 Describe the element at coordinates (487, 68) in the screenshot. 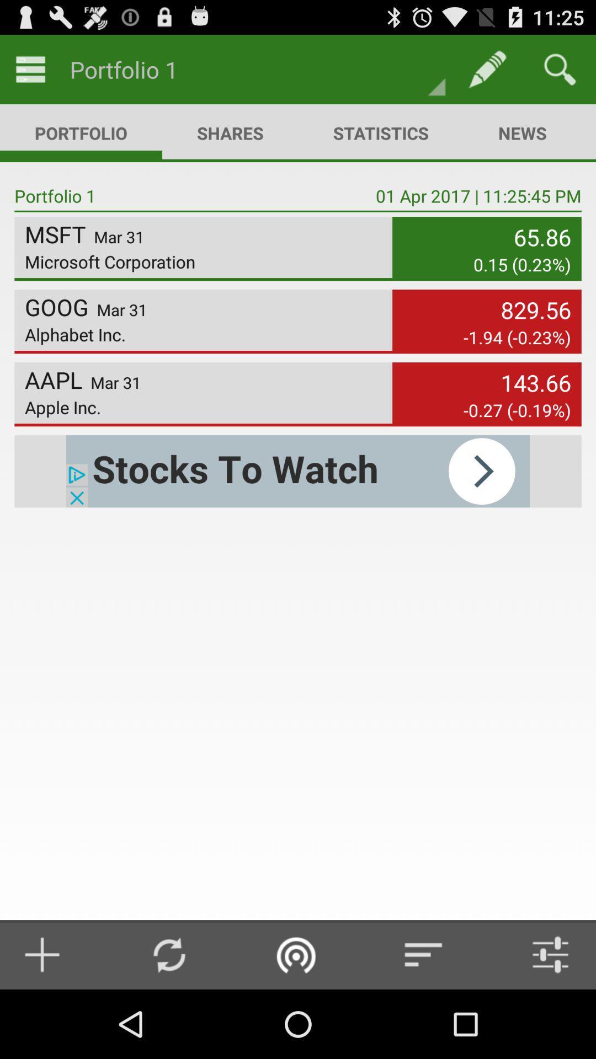

I see `the edit icon` at that location.